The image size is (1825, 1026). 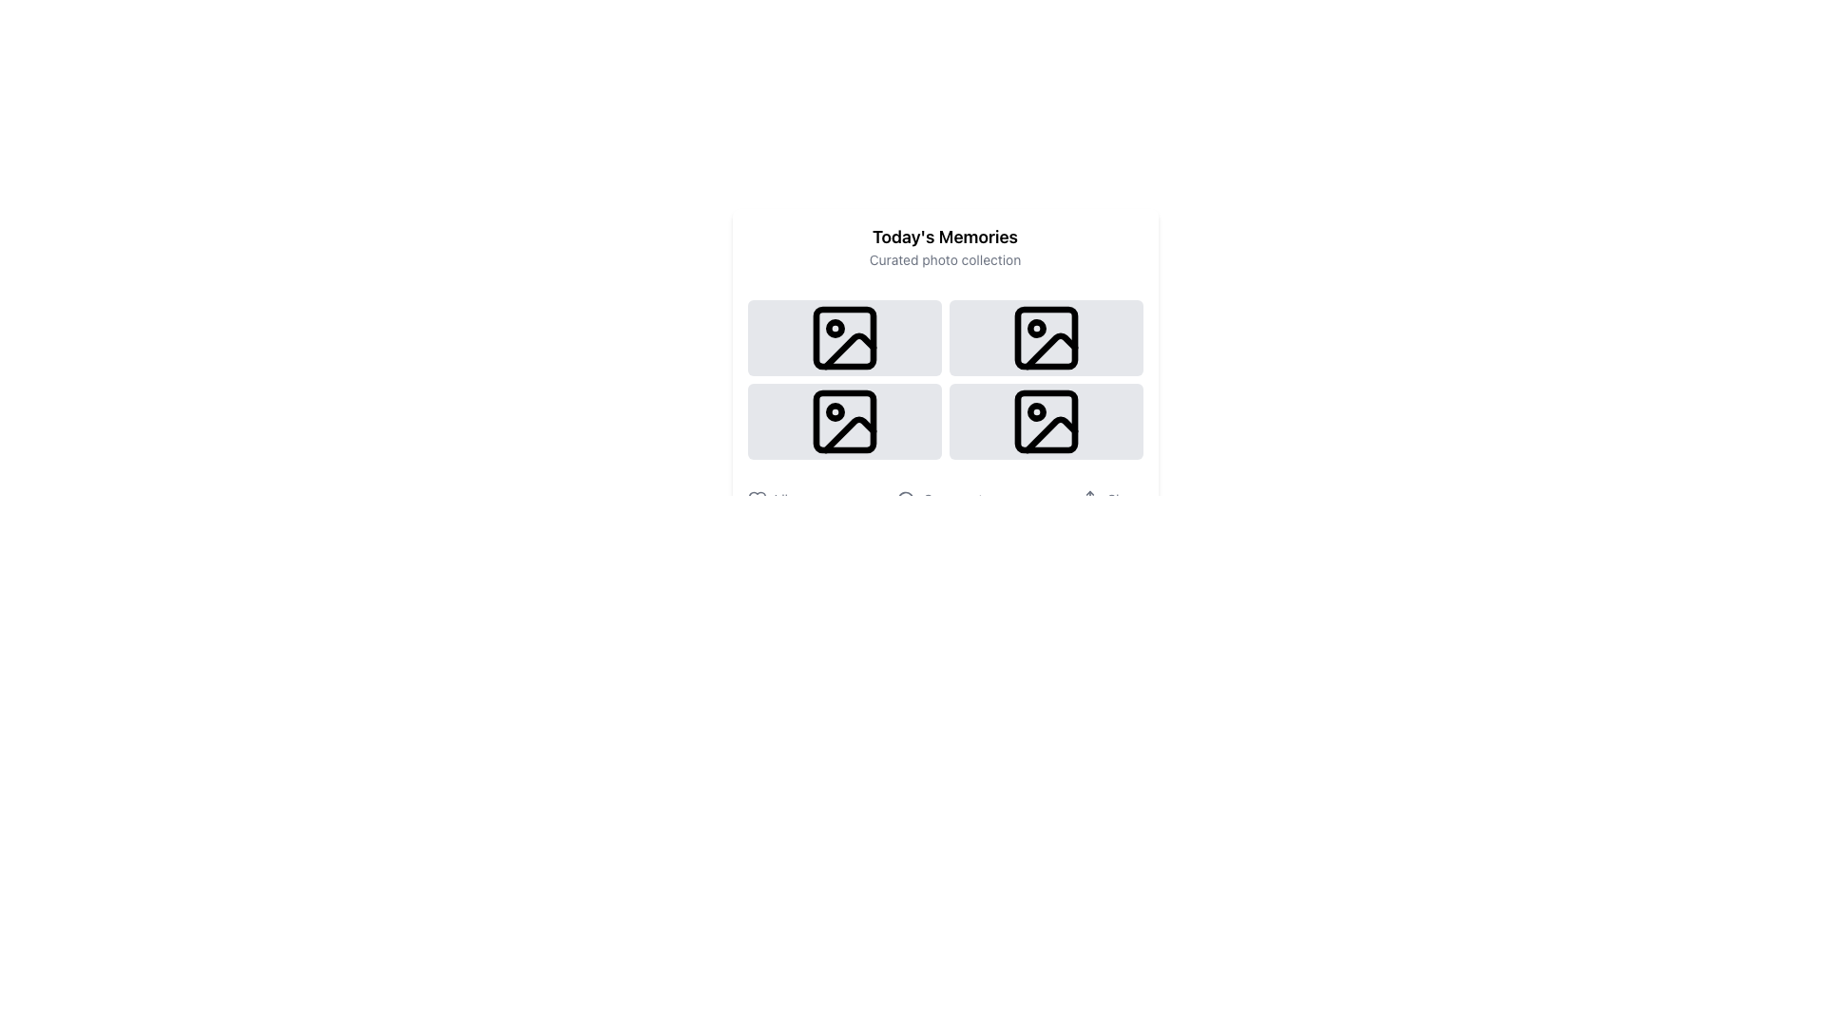 What do you see at coordinates (1035, 411) in the screenshot?
I see `the graphical component located in the bottom-right corner of the SVG icon, which is part of a decorative group within the icon's aesthetic representation` at bounding box center [1035, 411].